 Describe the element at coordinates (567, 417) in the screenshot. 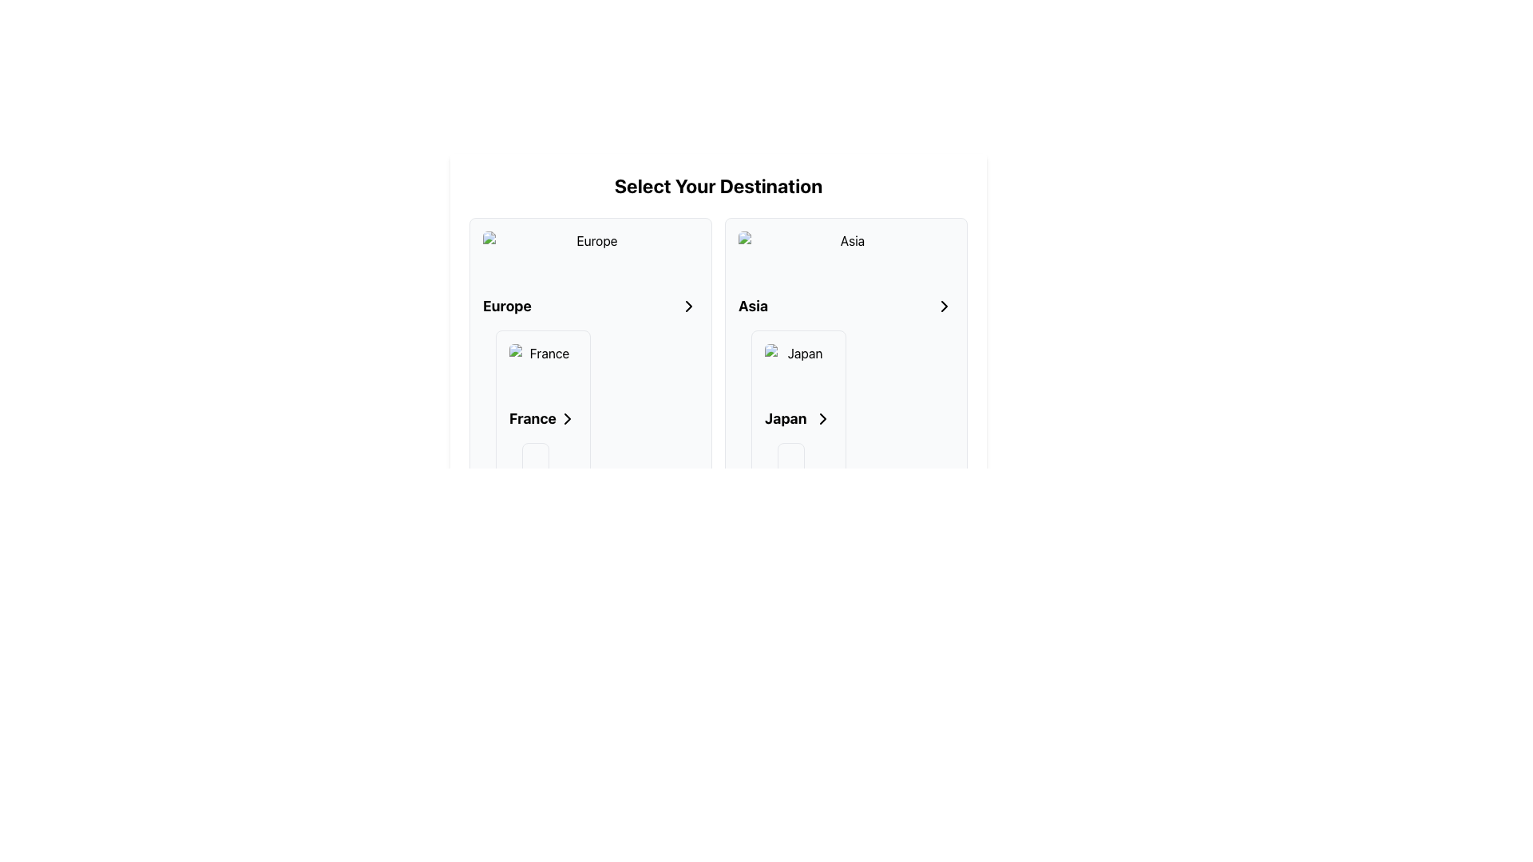

I see `the right-pointing chevron arrow icon located next to the text label 'France' under the 'Europe' section, indicating an expandable option` at that location.